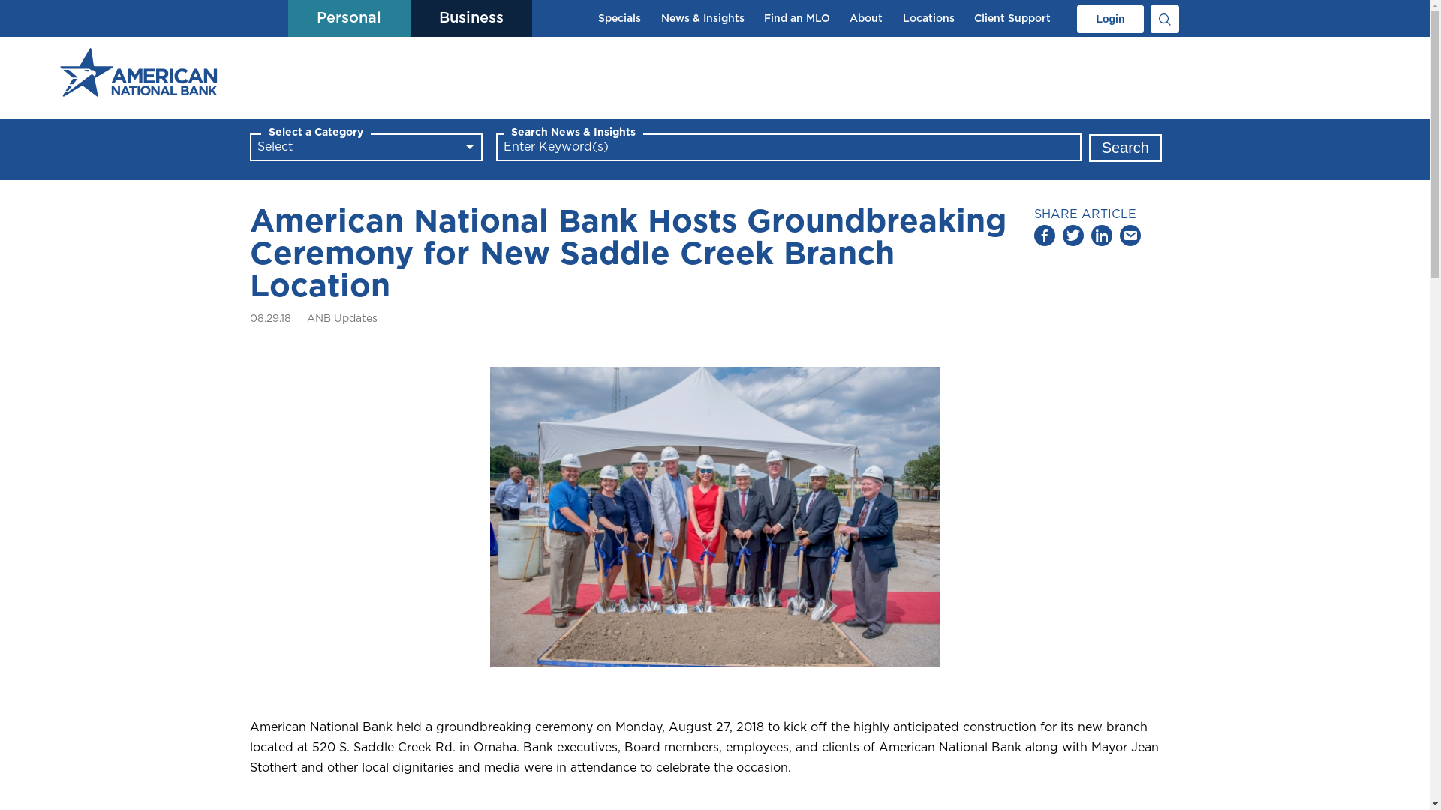 The height and width of the screenshot is (810, 1441). Describe the element at coordinates (1045, 238) in the screenshot. I see `'Share on Facebook'` at that location.